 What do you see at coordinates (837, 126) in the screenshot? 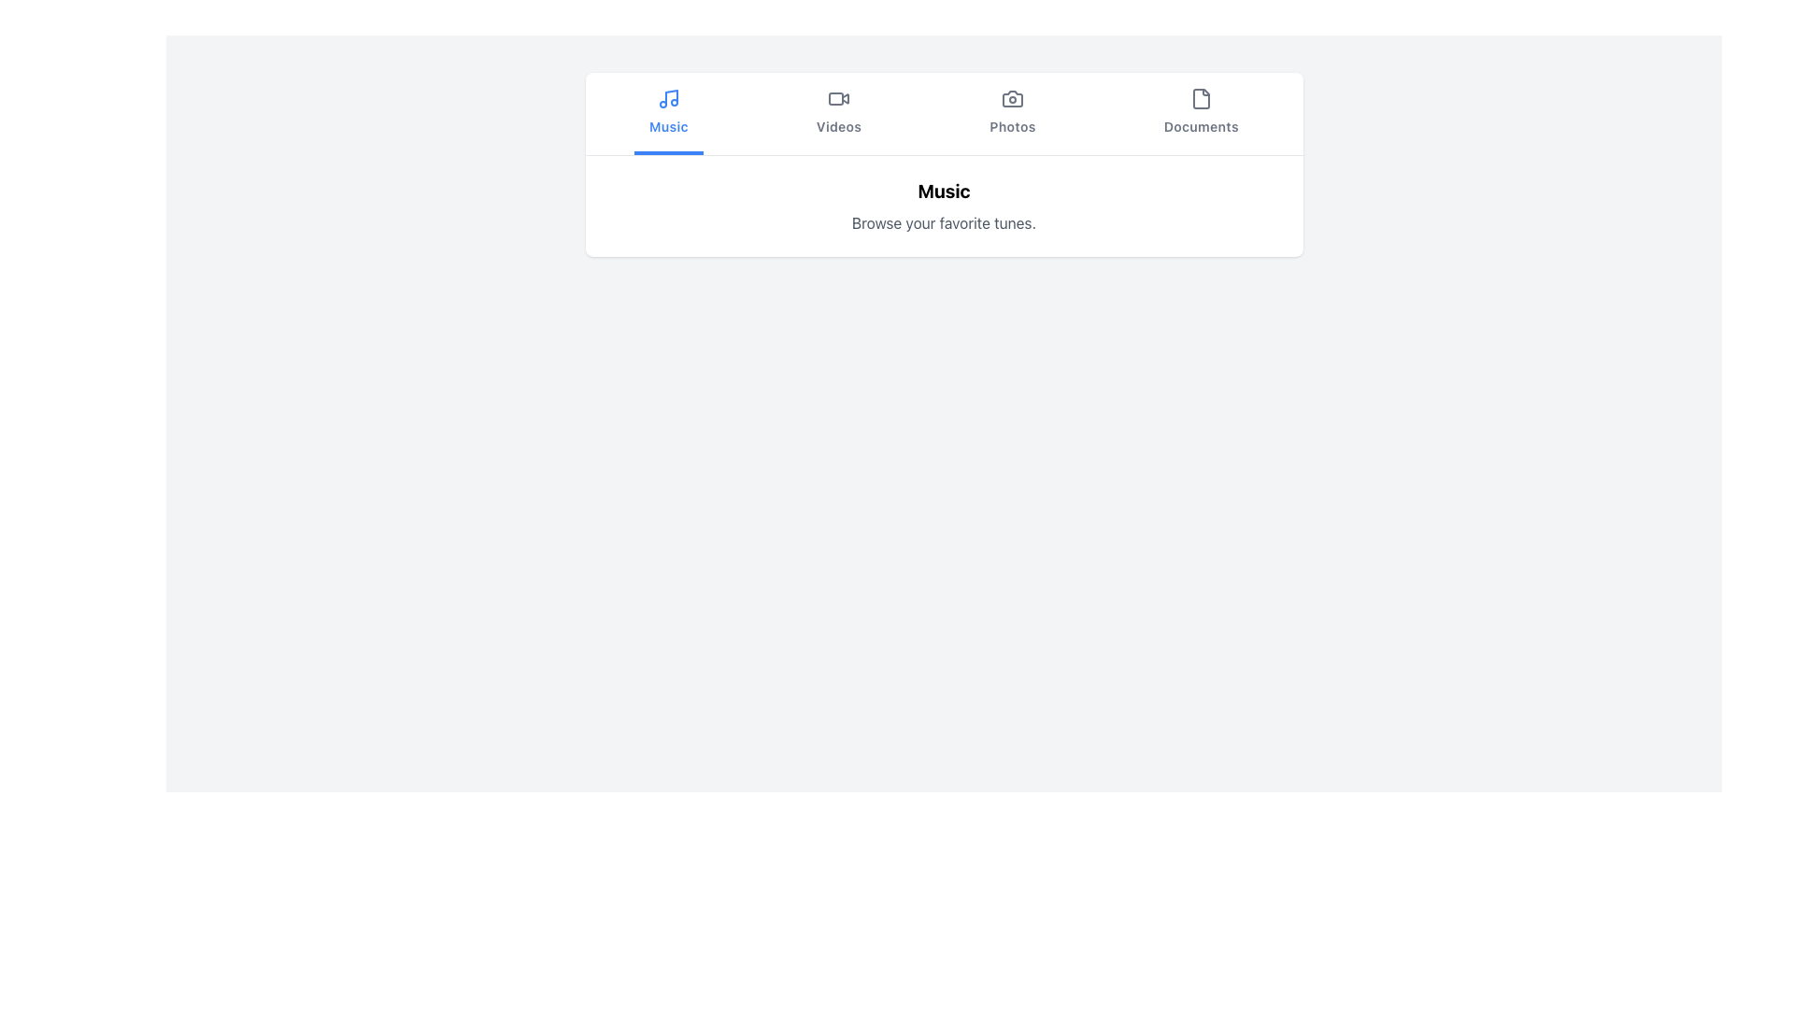
I see `'Videos' text label that indicates content related to videos, located below the video camera icon and positioned as the second label in a row of tabs at the top center of the page` at bounding box center [837, 126].